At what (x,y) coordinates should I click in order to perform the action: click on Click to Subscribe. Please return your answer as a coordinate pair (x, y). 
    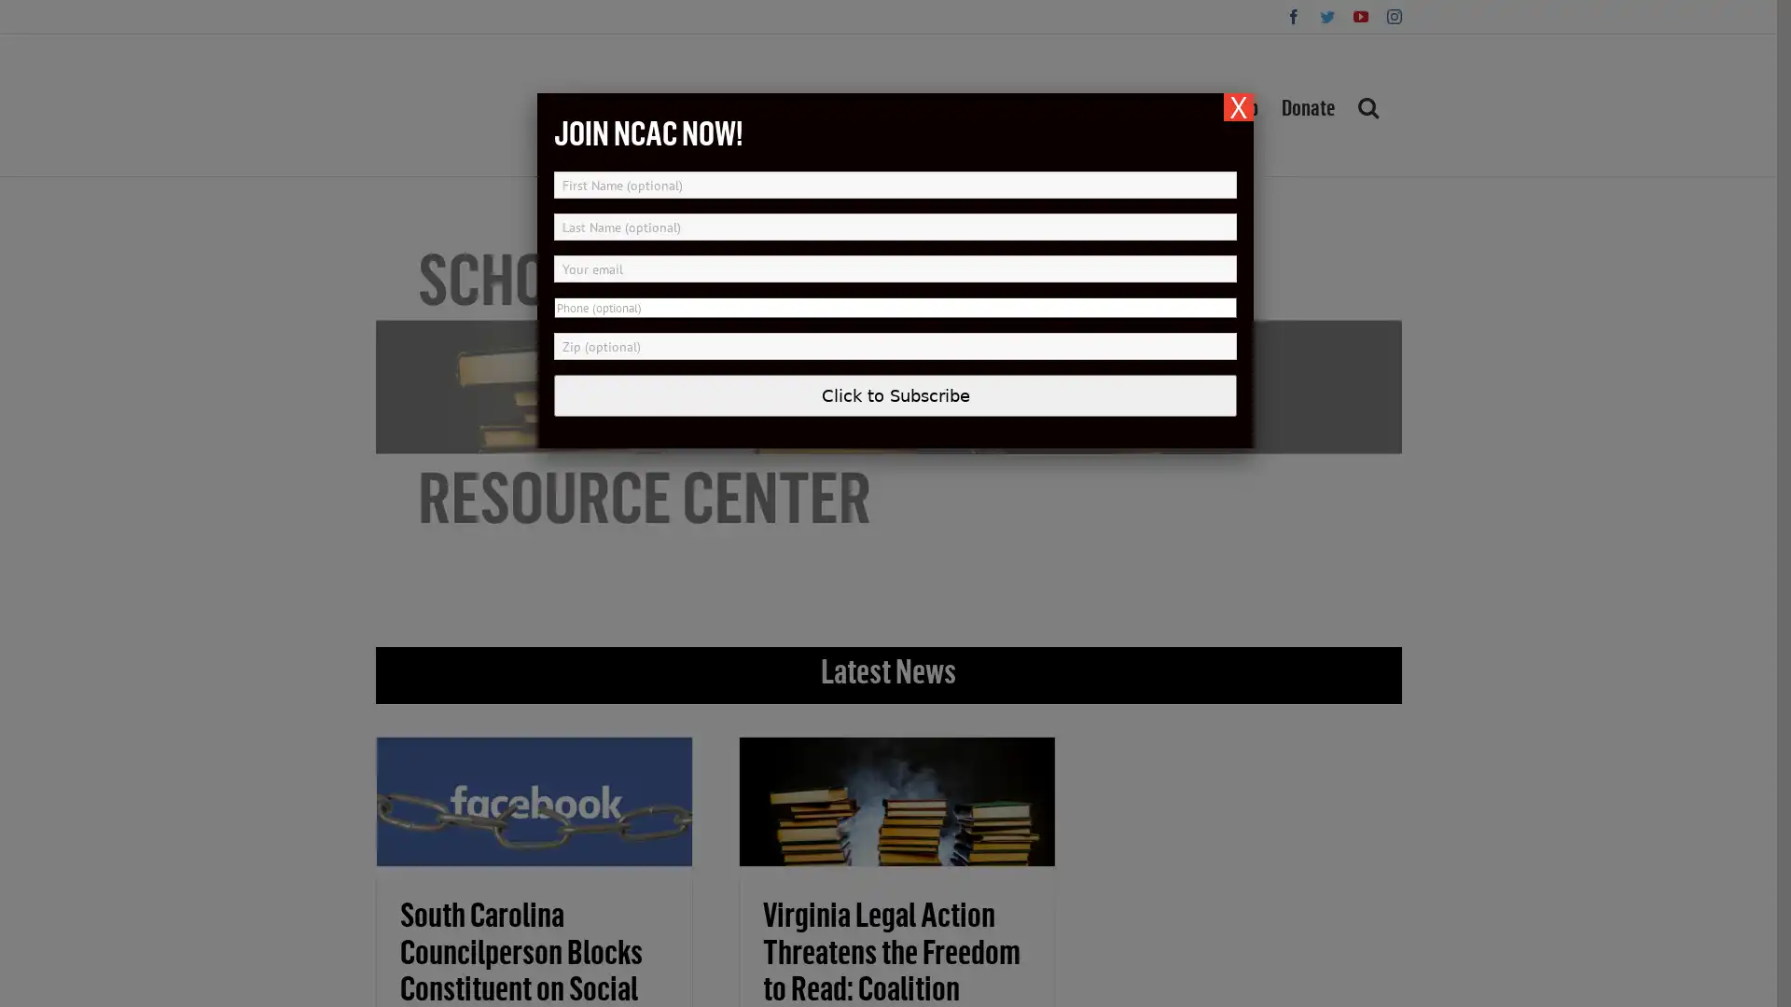
    Looking at the image, I should click on (895, 394).